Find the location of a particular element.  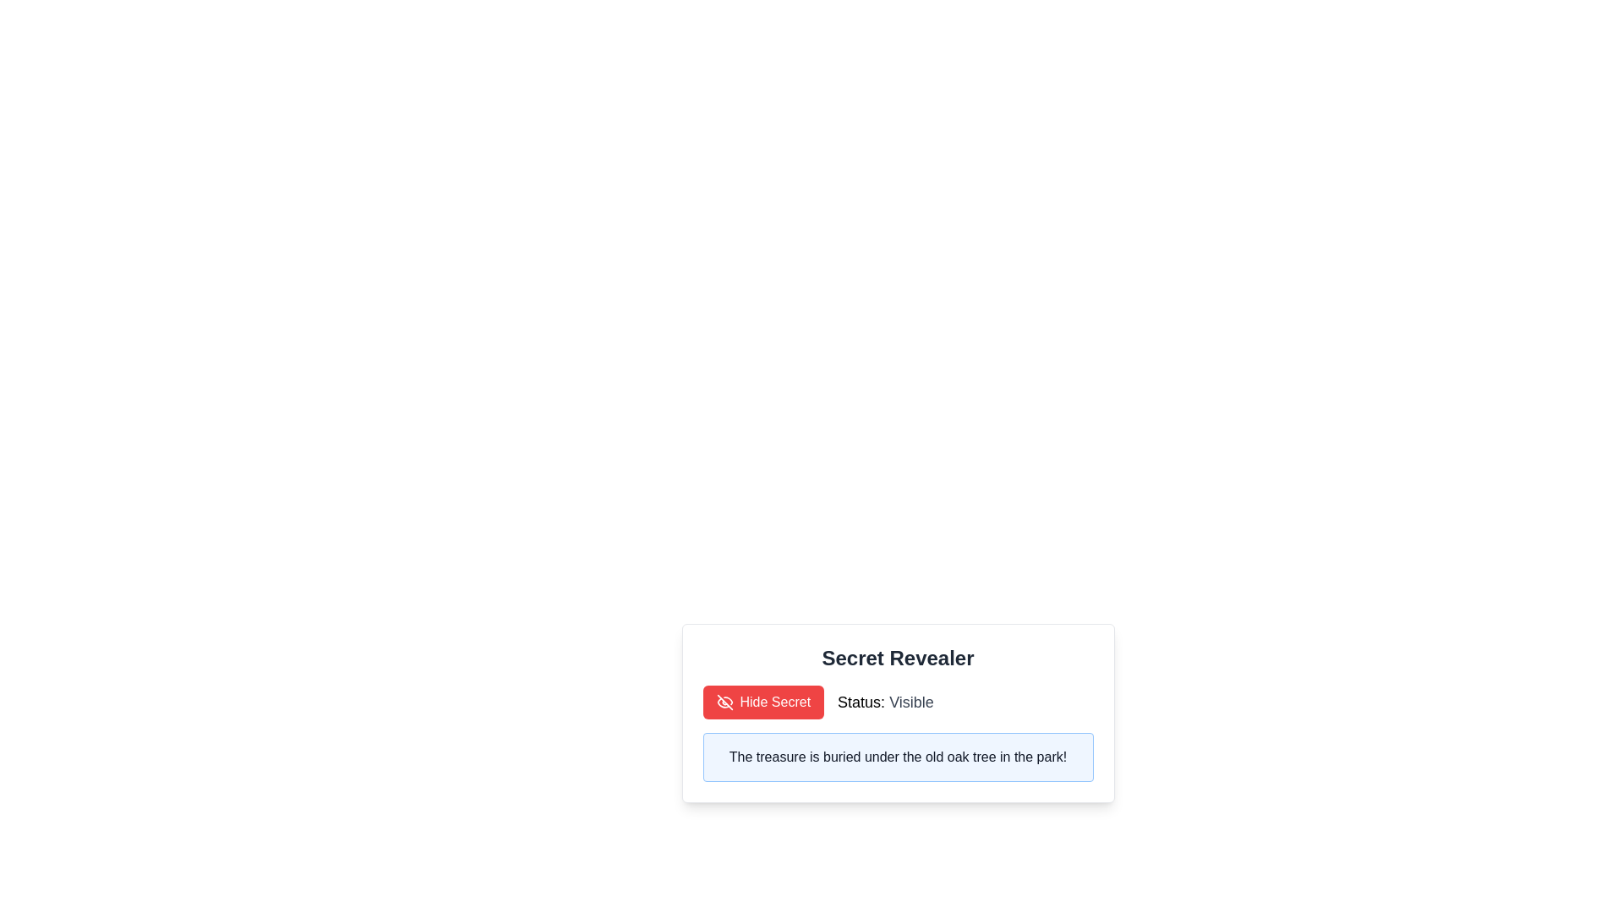

the static text display box containing the message 'The treasure is buried under the old oak tree in the park!', which has a light blue background and is located beneath the 'Hide Secret' button is located at coordinates (897, 756).